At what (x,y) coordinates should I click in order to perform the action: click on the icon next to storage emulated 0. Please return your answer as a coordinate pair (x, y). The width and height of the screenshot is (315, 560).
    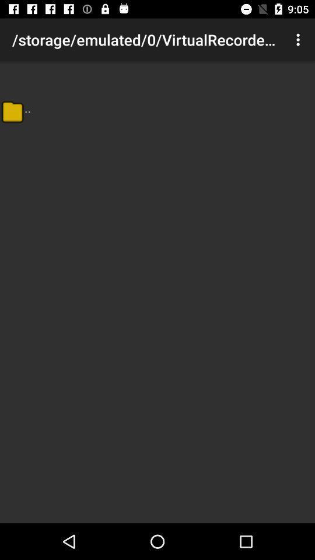
    Looking at the image, I should click on (299, 40).